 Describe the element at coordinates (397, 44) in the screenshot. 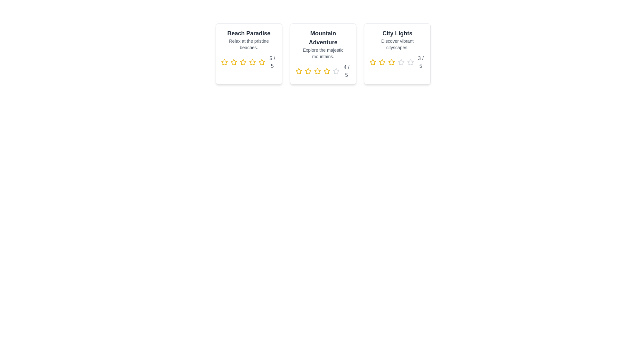

I see `the description of the destination City Lights` at that location.